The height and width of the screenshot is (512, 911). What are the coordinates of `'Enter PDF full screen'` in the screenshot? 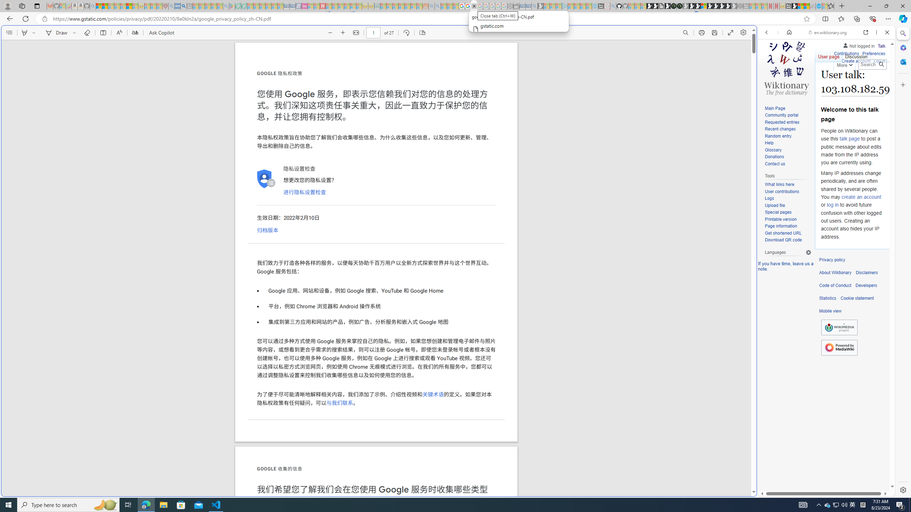 It's located at (731, 32).